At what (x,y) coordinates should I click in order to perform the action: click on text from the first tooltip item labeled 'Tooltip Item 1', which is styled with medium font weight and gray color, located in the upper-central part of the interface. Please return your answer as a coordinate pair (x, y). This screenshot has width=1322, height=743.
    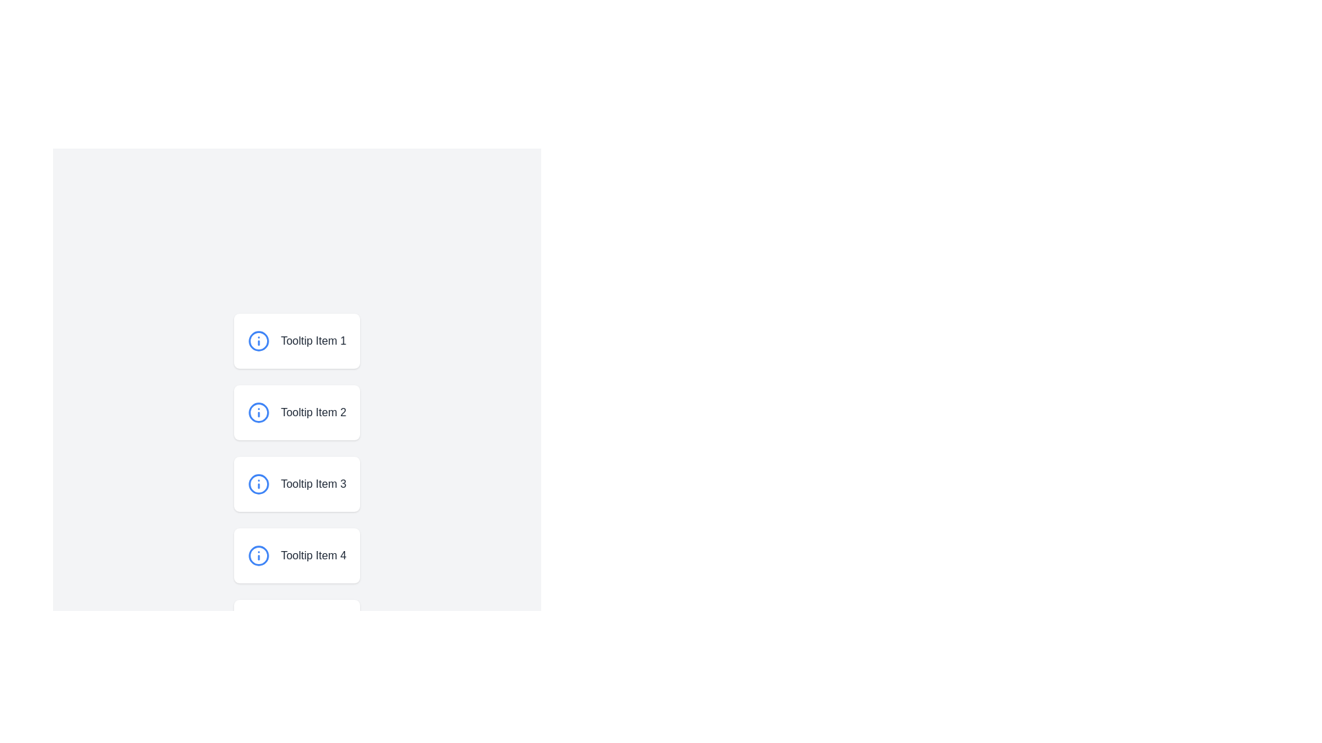
    Looking at the image, I should click on (307, 341).